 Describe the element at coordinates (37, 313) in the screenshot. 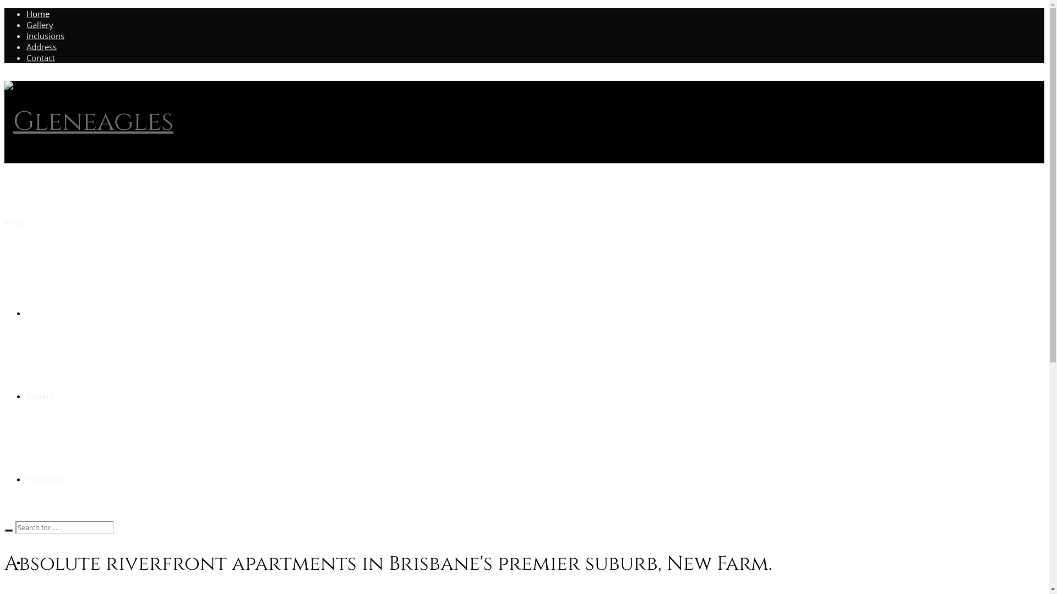

I see `'Home'` at that location.